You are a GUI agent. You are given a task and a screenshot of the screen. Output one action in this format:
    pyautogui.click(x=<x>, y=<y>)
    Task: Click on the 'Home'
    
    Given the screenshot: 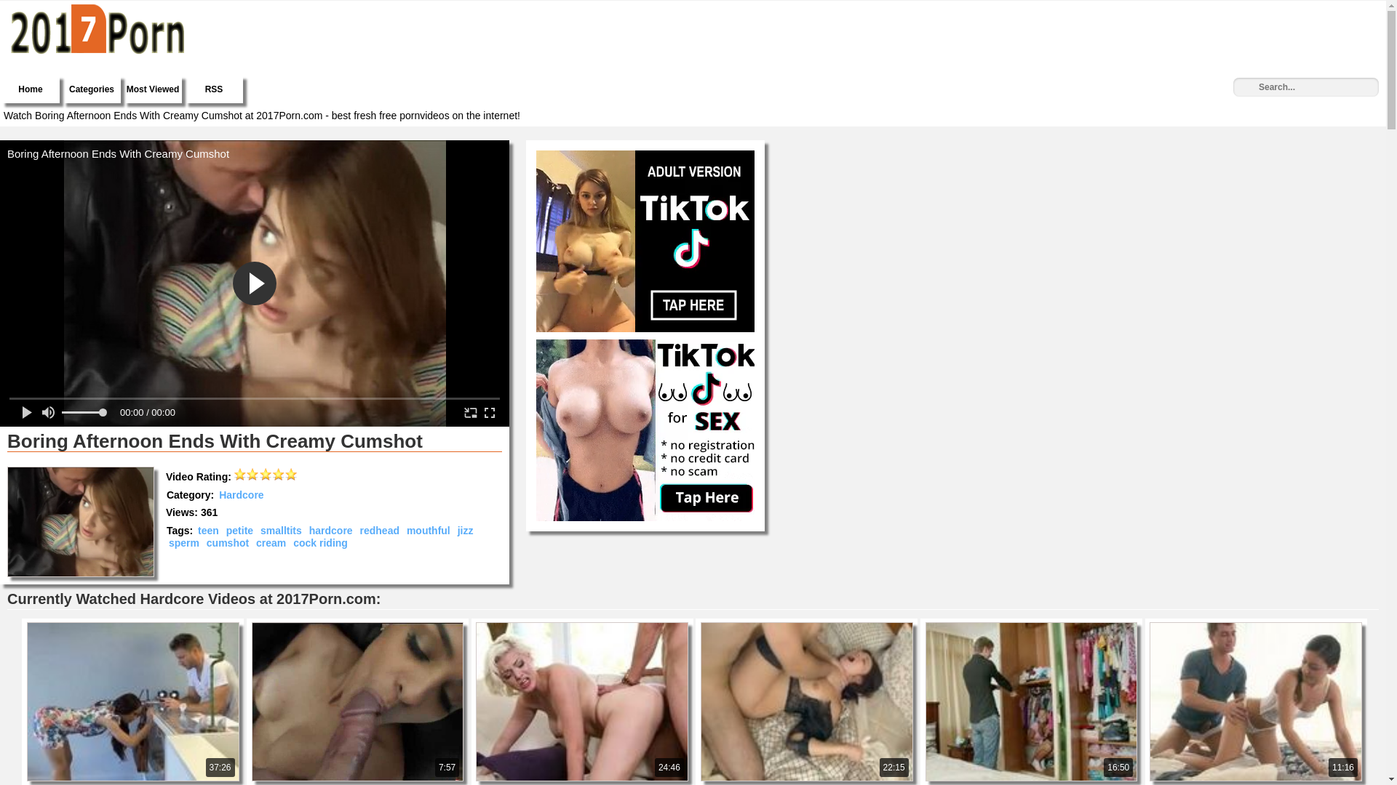 What is the action you would take?
    pyautogui.click(x=1, y=89)
    